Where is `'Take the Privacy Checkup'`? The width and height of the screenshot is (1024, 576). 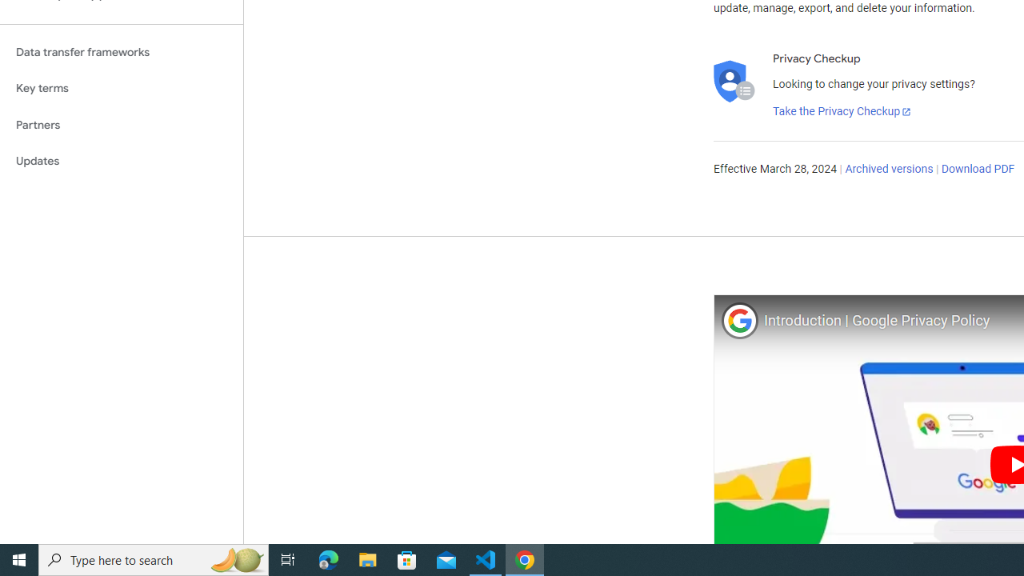 'Take the Privacy Checkup' is located at coordinates (842, 111).